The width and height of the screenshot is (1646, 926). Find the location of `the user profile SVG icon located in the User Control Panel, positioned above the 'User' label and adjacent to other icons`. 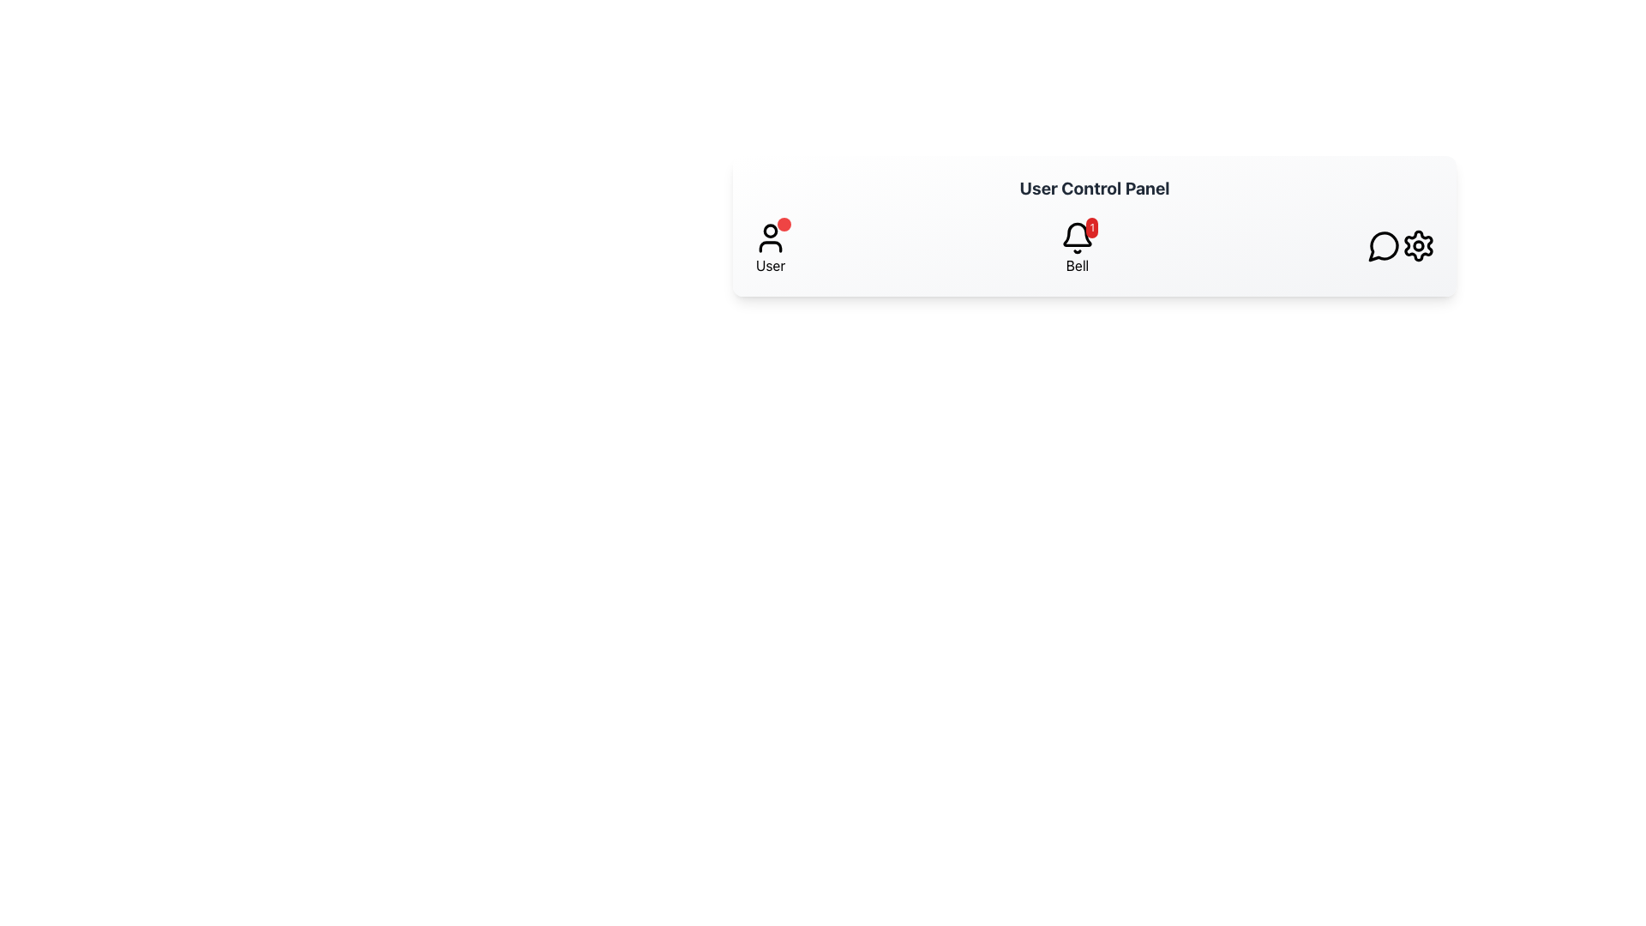

the user profile SVG icon located in the User Control Panel, positioned above the 'User' label and adjacent to other icons is located at coordinates (769, 238).